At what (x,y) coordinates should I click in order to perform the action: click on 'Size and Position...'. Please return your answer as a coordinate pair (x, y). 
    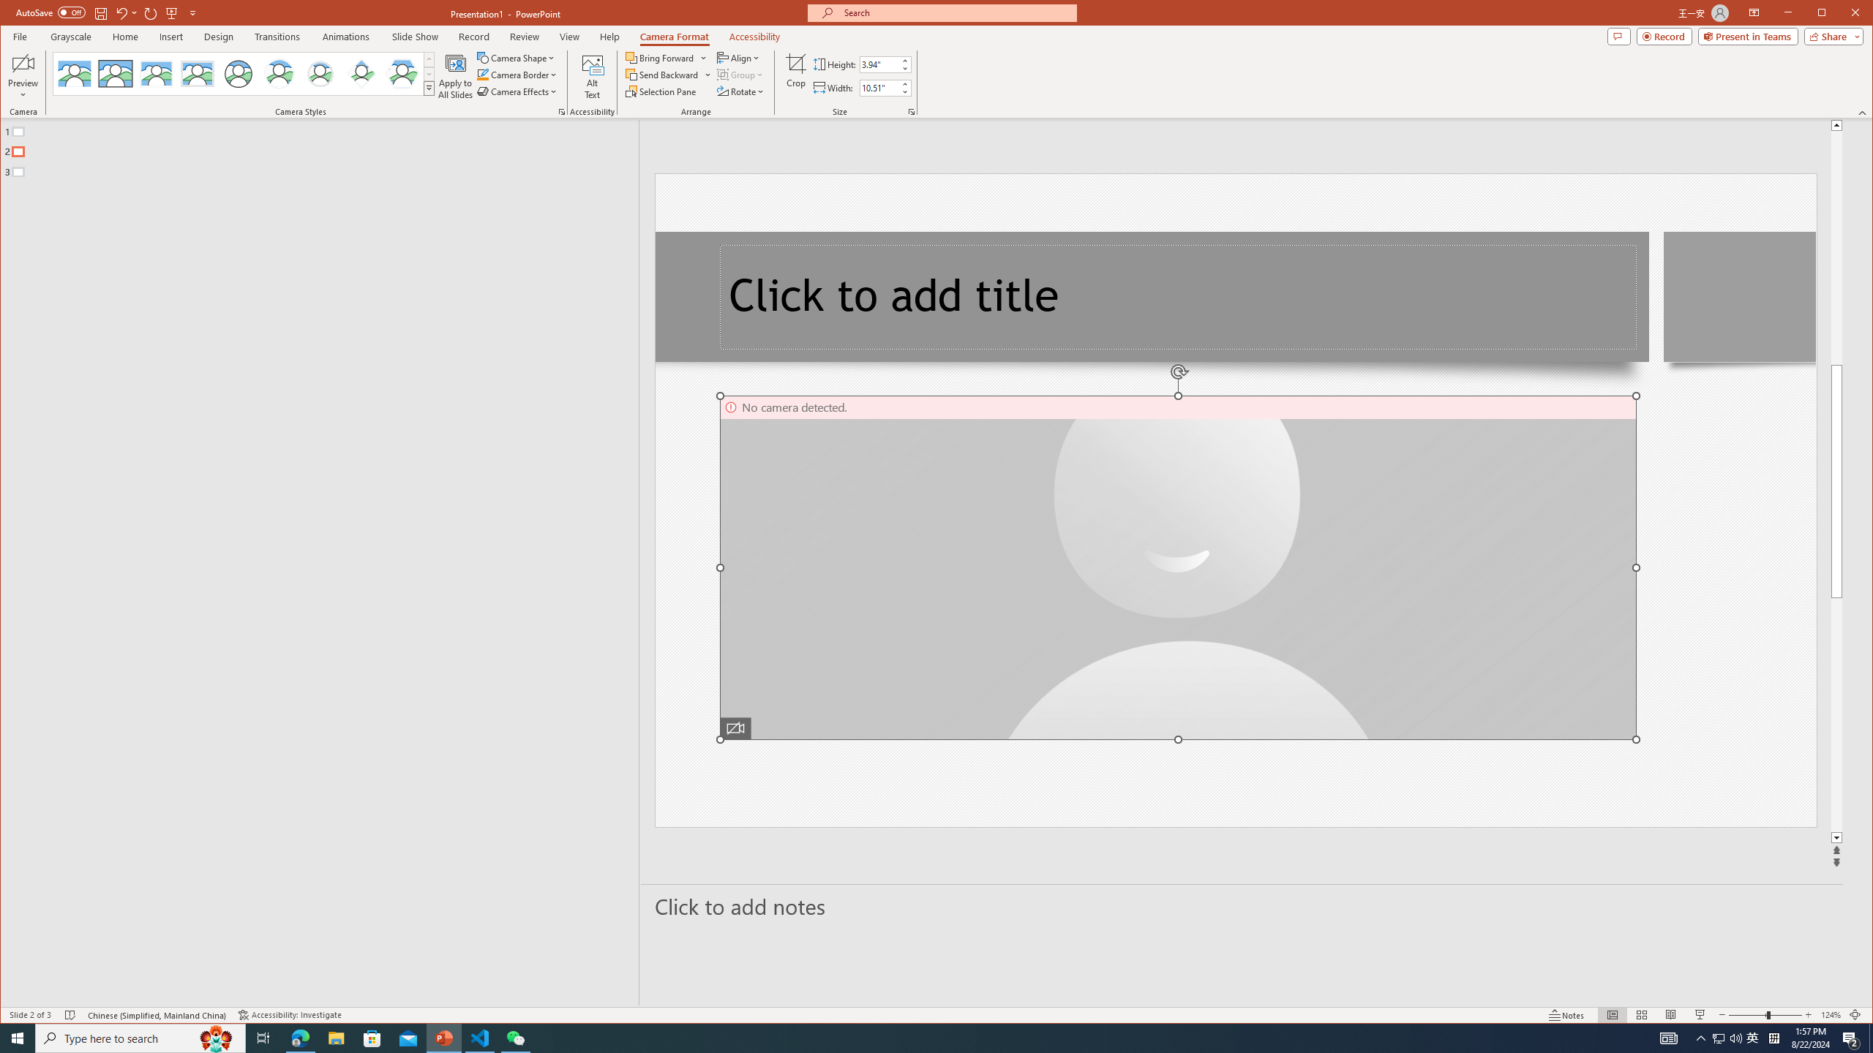
    Looking at the image, I should click on (912, 112).